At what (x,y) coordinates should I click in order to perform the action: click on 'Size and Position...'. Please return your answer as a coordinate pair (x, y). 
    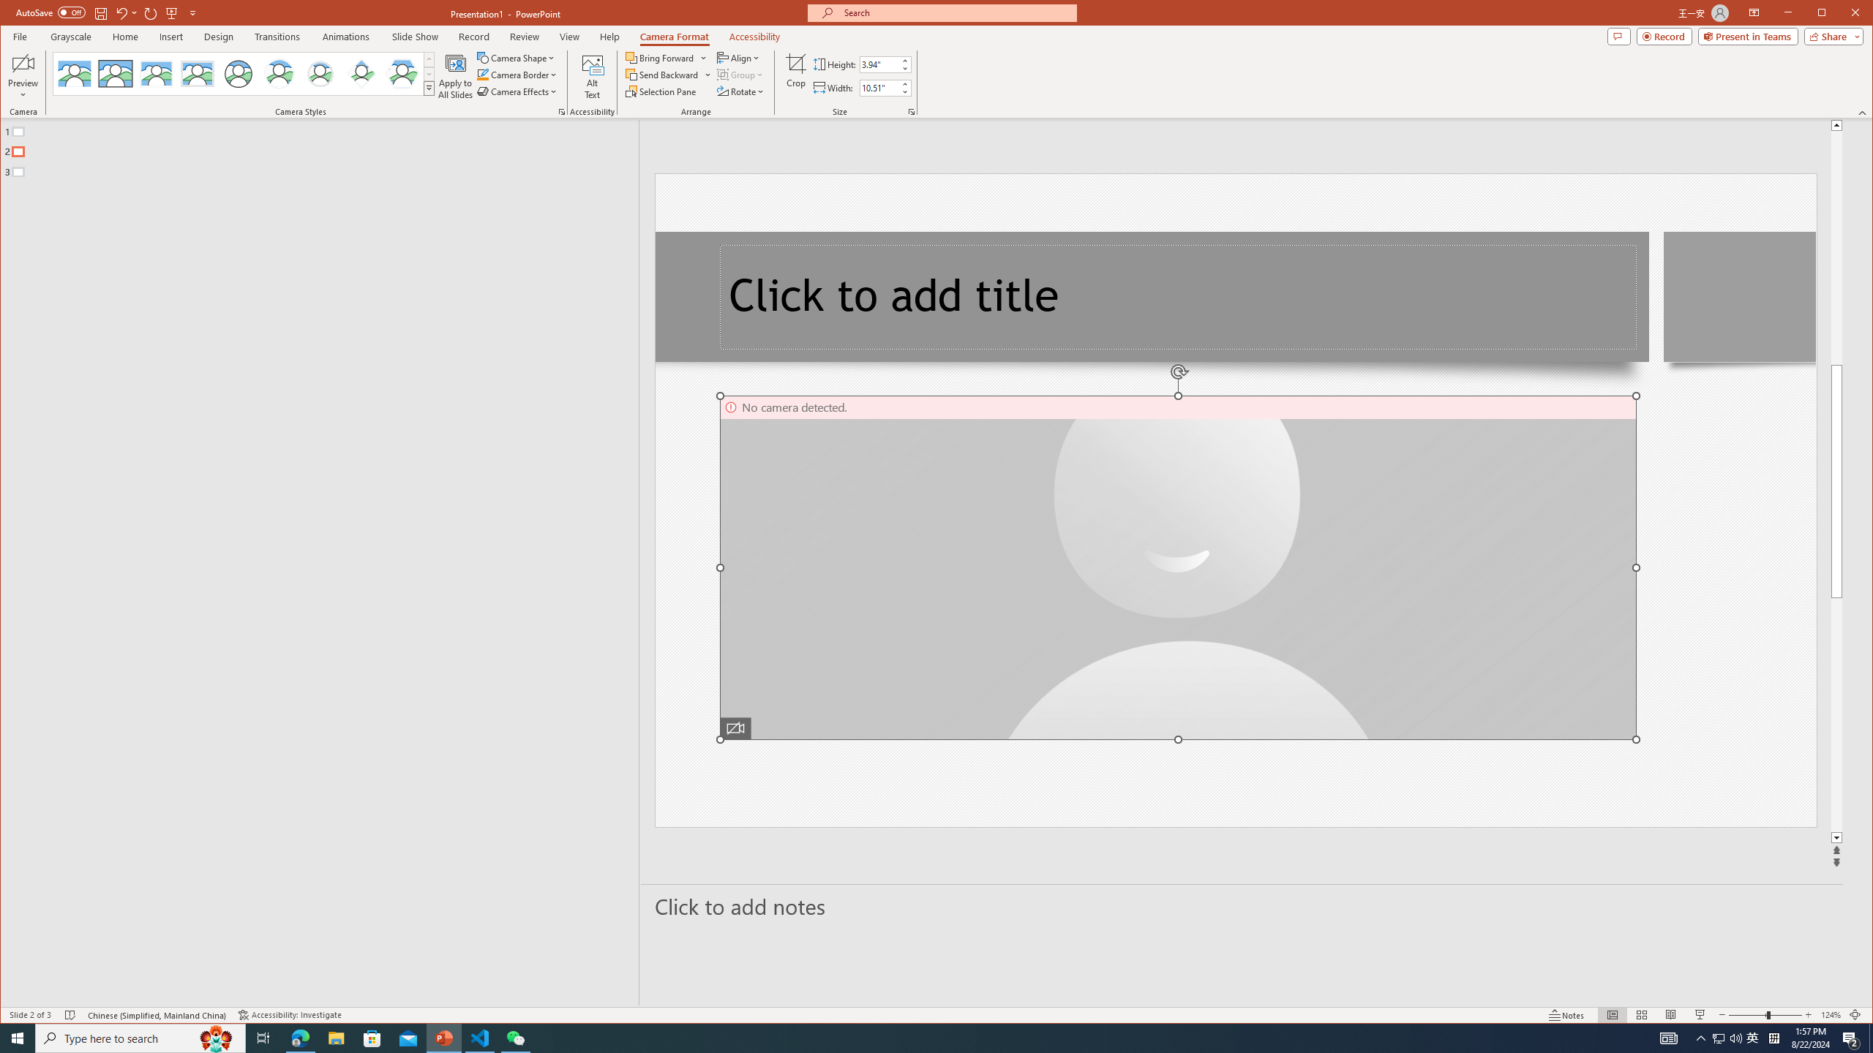
    Looking at the image, I should click on (912, 112).